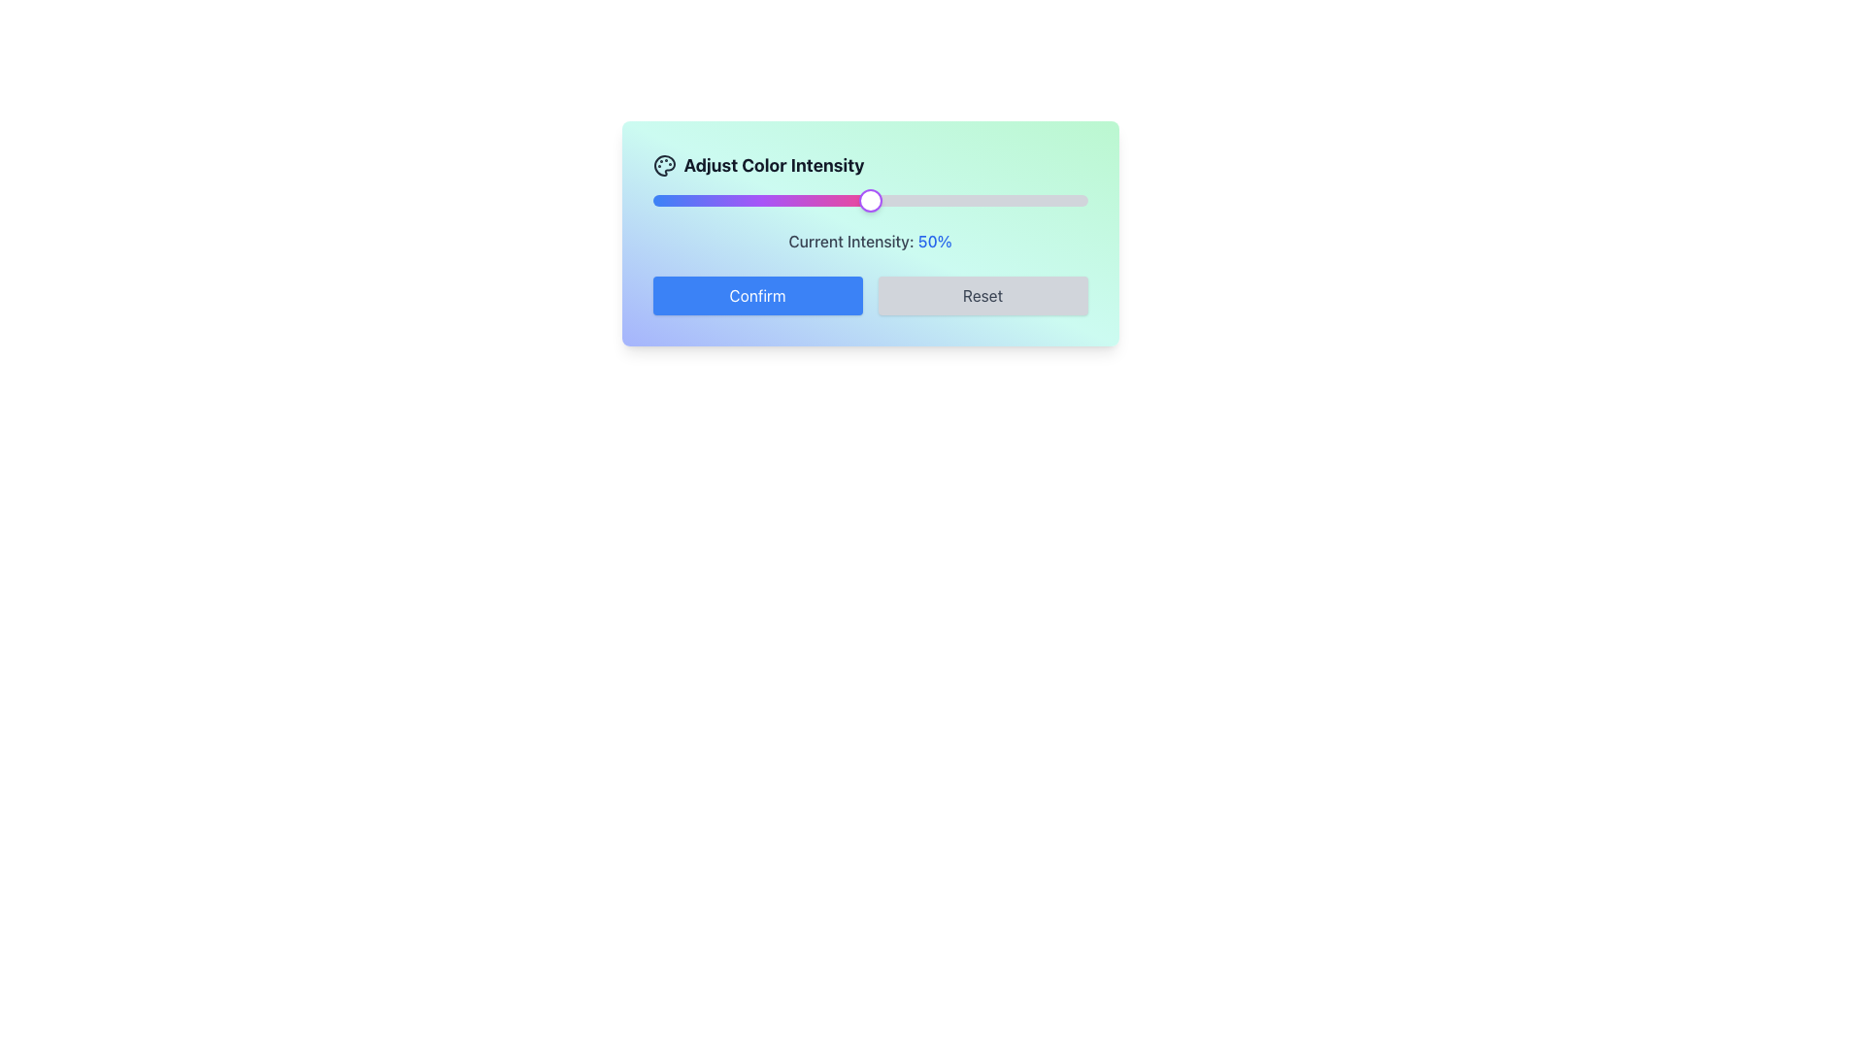 Image resolution: width=1864 pixels, height=1048 pixels. I want to click on the intensity, so click(871, 201).